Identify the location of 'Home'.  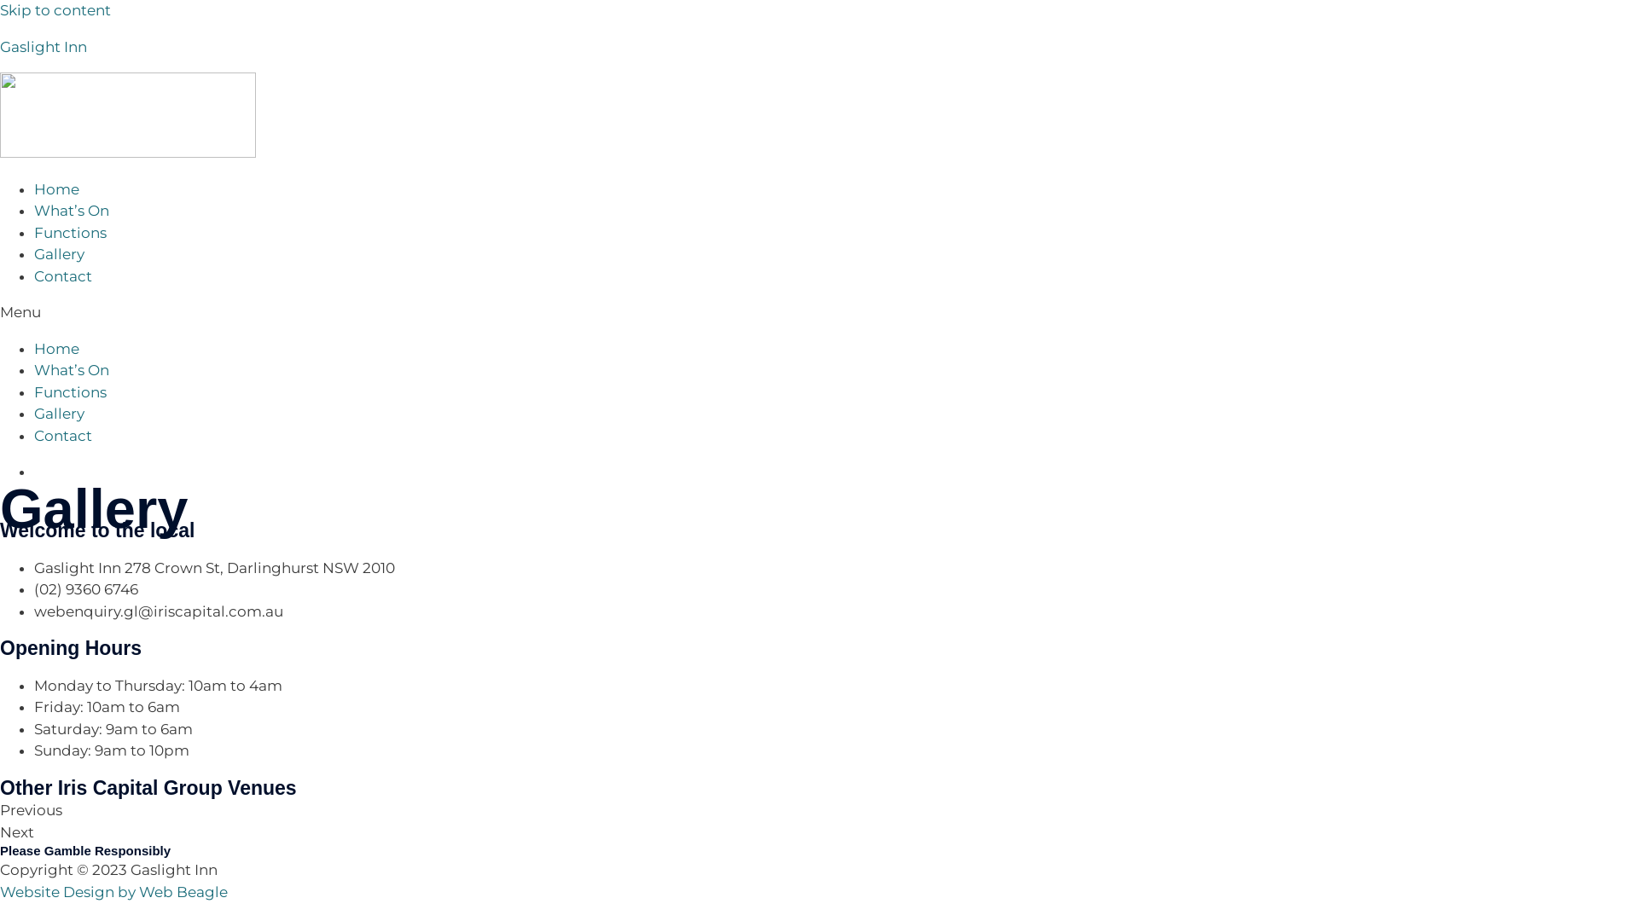
(56, 347).